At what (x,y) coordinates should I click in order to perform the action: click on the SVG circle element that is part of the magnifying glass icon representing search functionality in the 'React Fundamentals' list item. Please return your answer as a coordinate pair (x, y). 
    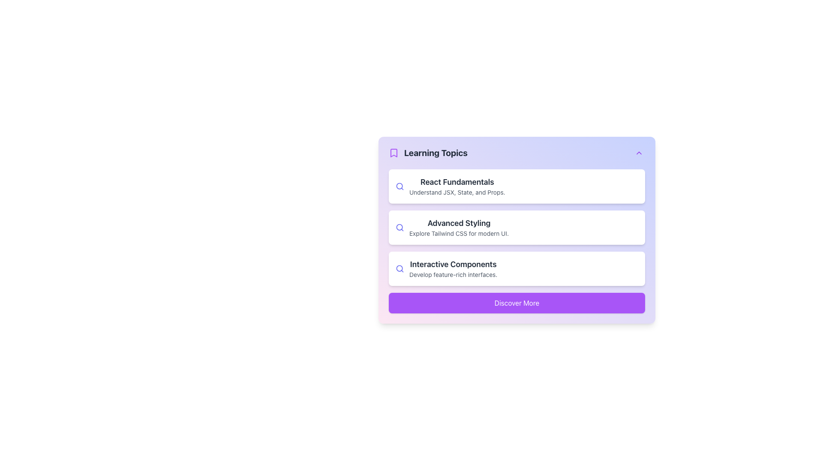
    Looking at the image, I should click on (399, 186).